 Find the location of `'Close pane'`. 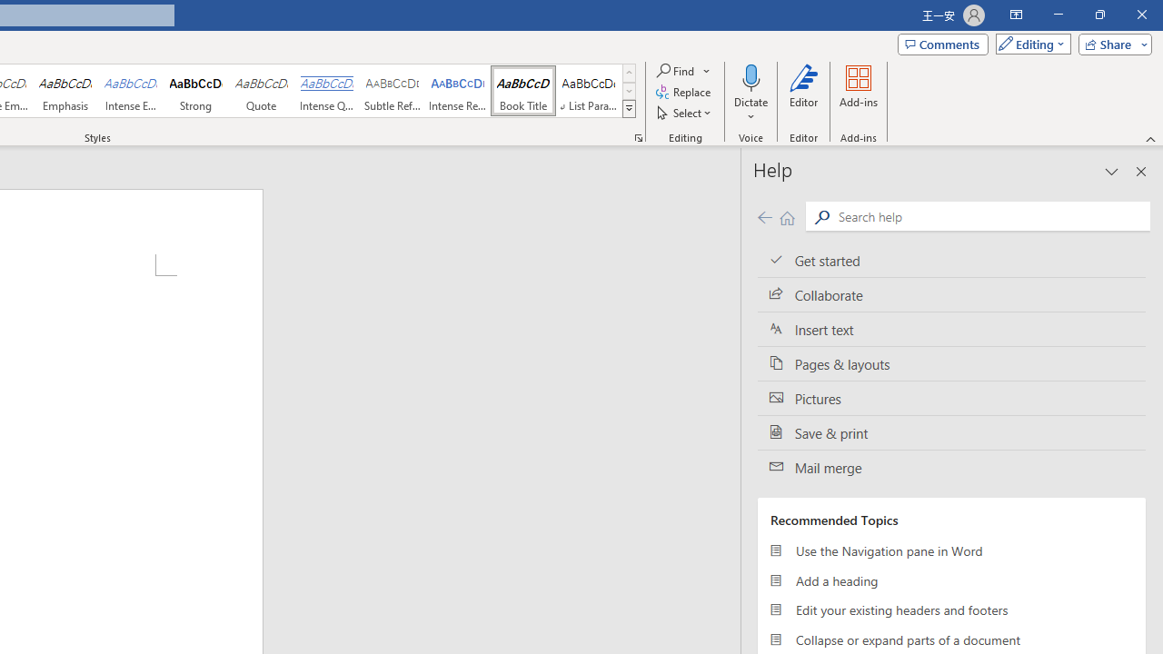

'Close pane' is located at coordinates (1140, 172).